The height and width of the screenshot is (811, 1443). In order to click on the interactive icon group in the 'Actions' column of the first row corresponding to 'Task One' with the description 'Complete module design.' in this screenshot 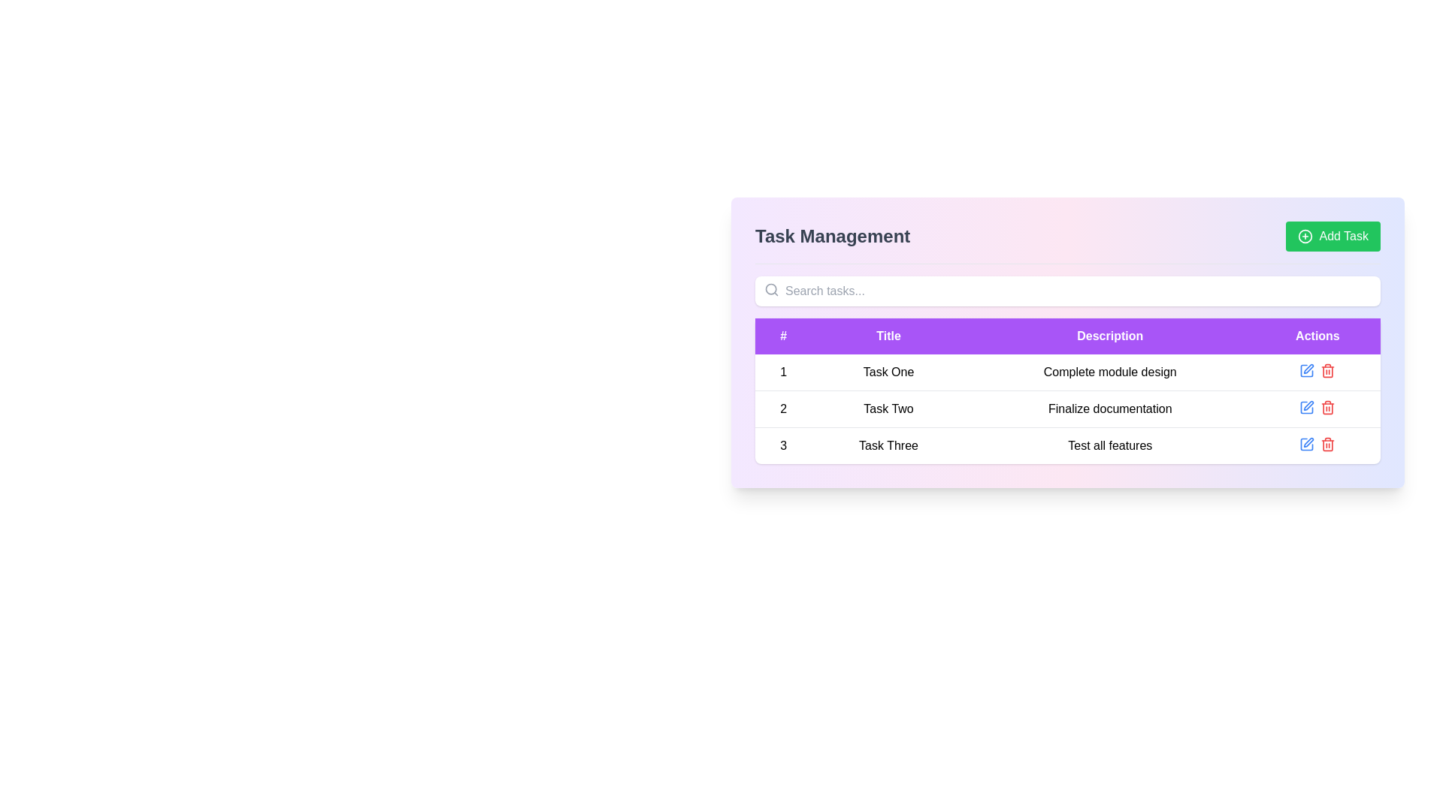, I will do `click(1317, 370)`.